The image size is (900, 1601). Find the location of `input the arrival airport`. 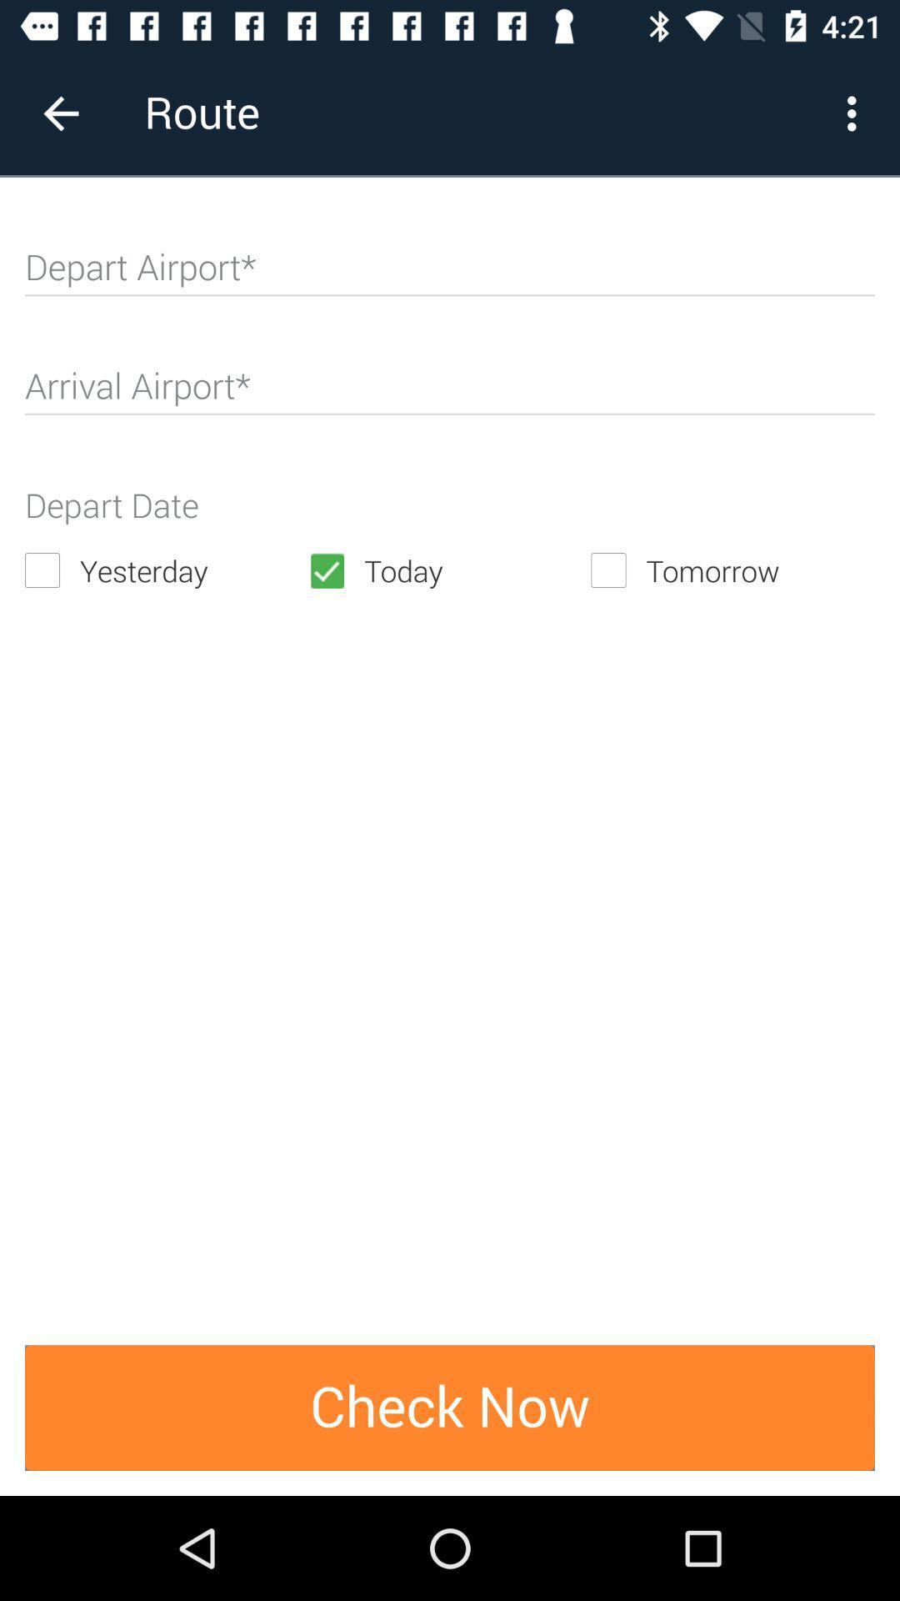

input the arrival airport is located at coordinates (450, 392).